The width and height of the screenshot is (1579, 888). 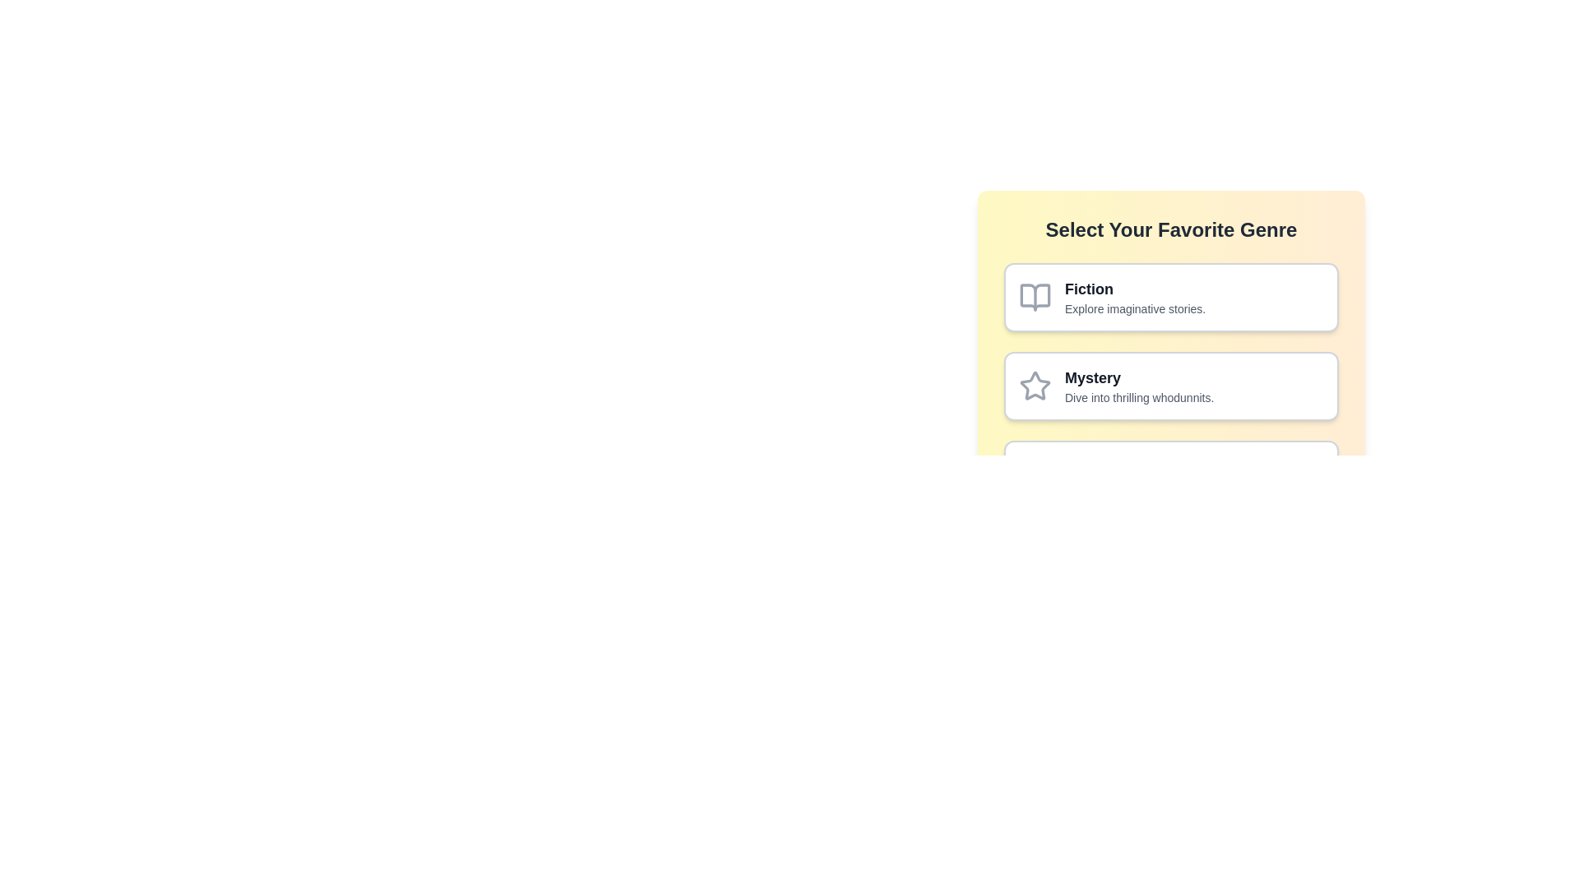 I want to click on the text label that reads 'Dive into thrilling whodunnits.' which is styled with a smaller, gray-colored font and positioned below the 'Mystery' title within a selectable genre option area, so click(x=1138, y=397).